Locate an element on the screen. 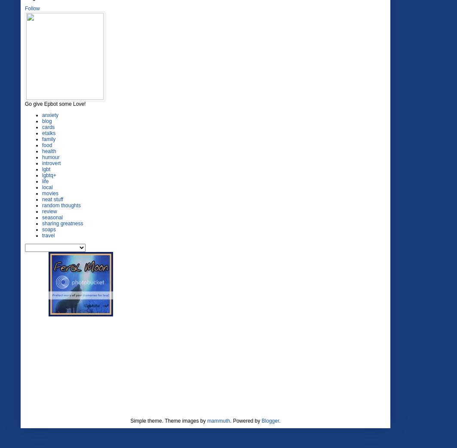  'mammuth' is located at coordinates (218, 420).